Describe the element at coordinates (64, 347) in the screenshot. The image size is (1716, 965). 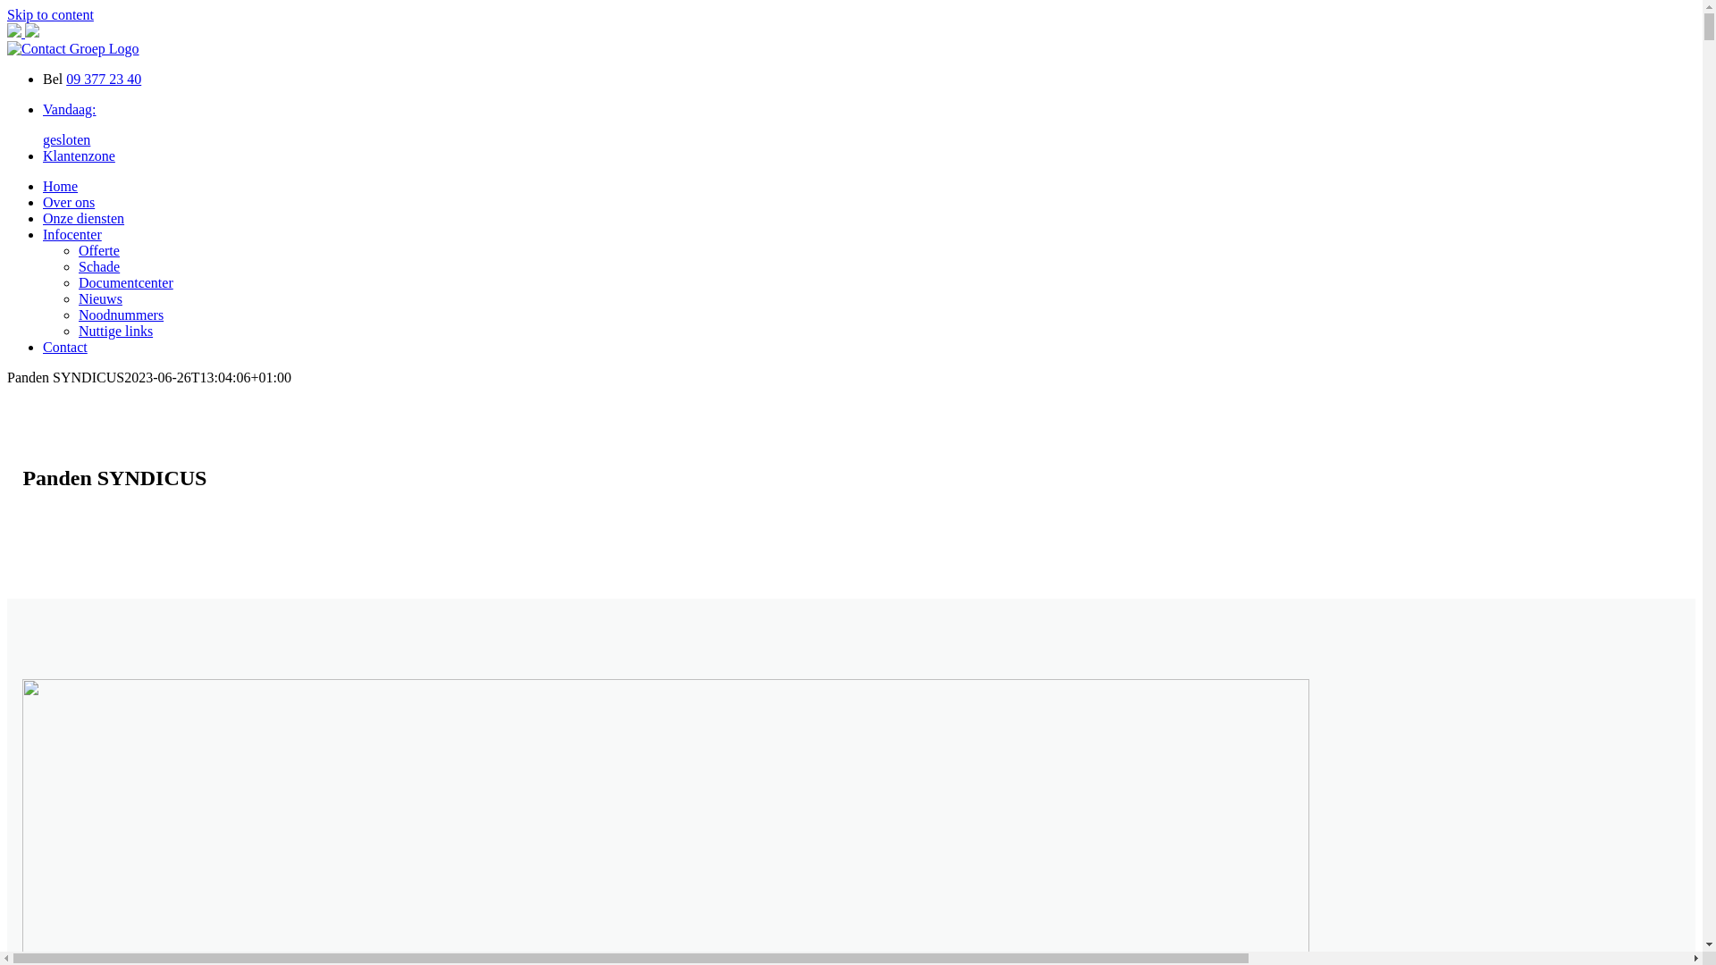
I see `'Contact'` at that location.